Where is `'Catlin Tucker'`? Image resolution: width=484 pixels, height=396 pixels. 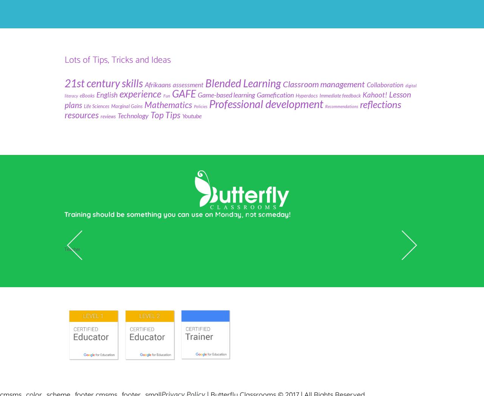 'Catlin Tucker' is located at coordinates (88, 232).